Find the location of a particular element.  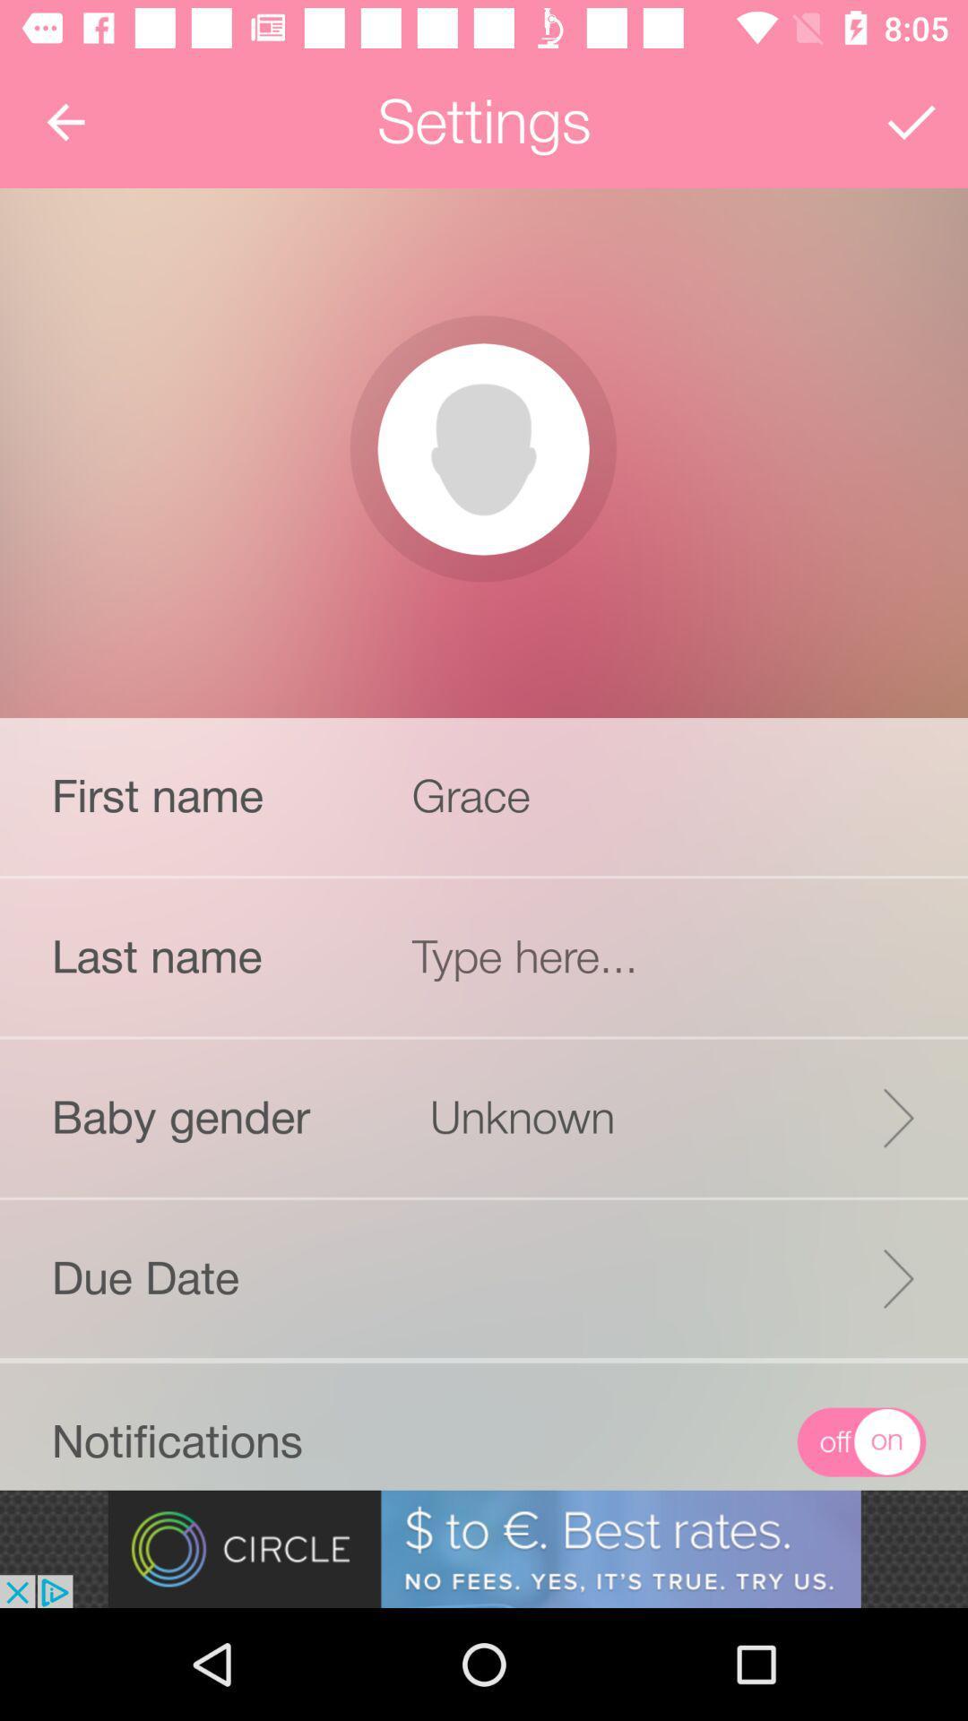

text is located at coordinates (670, 956).